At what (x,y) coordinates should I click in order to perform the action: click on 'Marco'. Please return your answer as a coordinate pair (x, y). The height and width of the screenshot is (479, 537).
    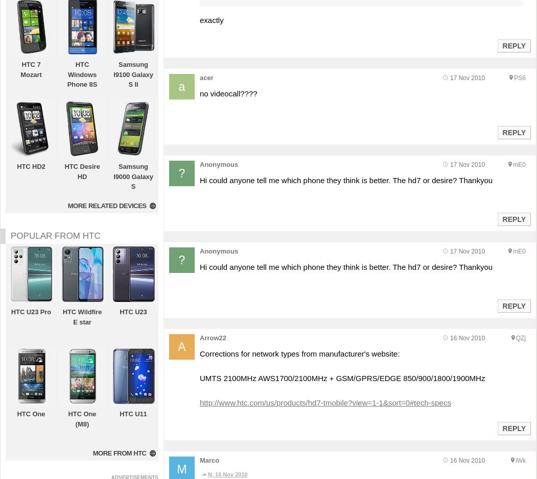
    Looking at the image, I should click on (209, 460).